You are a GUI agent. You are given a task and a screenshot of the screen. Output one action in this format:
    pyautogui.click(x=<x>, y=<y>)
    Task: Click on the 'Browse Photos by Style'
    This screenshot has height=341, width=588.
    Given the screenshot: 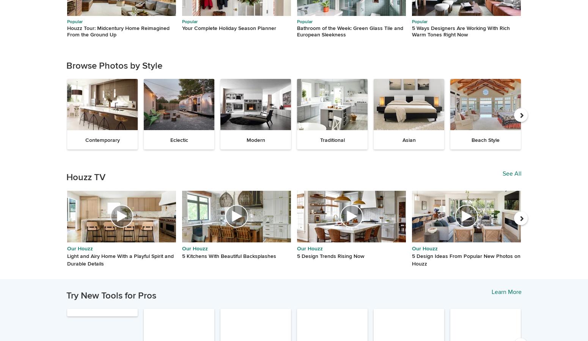 What is the action you would take?
    pyautogui.click(x=114, y=66)
    